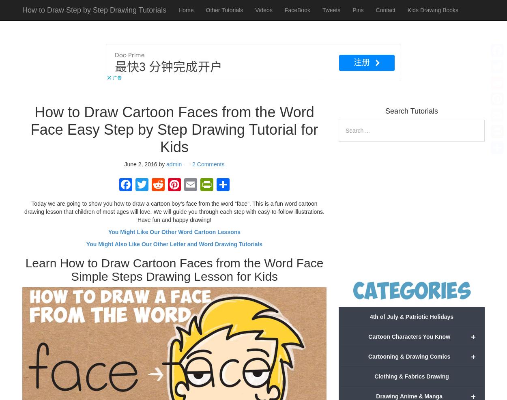  What do you see at coordinates (235, 203) in the screenshot?
I see `'Share'` at bounding box center [235, 203].